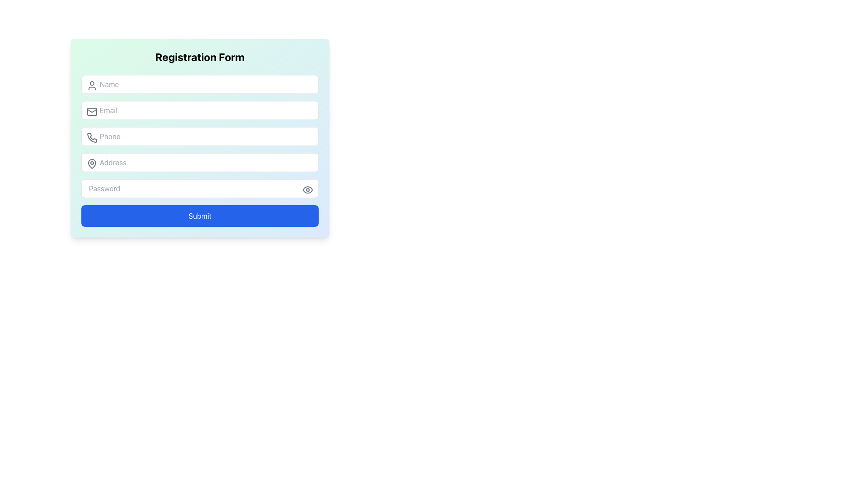 This screenshot has width=863, height=485. I want to click on the email input field located below the 'Name' input field and above the 'Phone' input field, so click(200, 110).